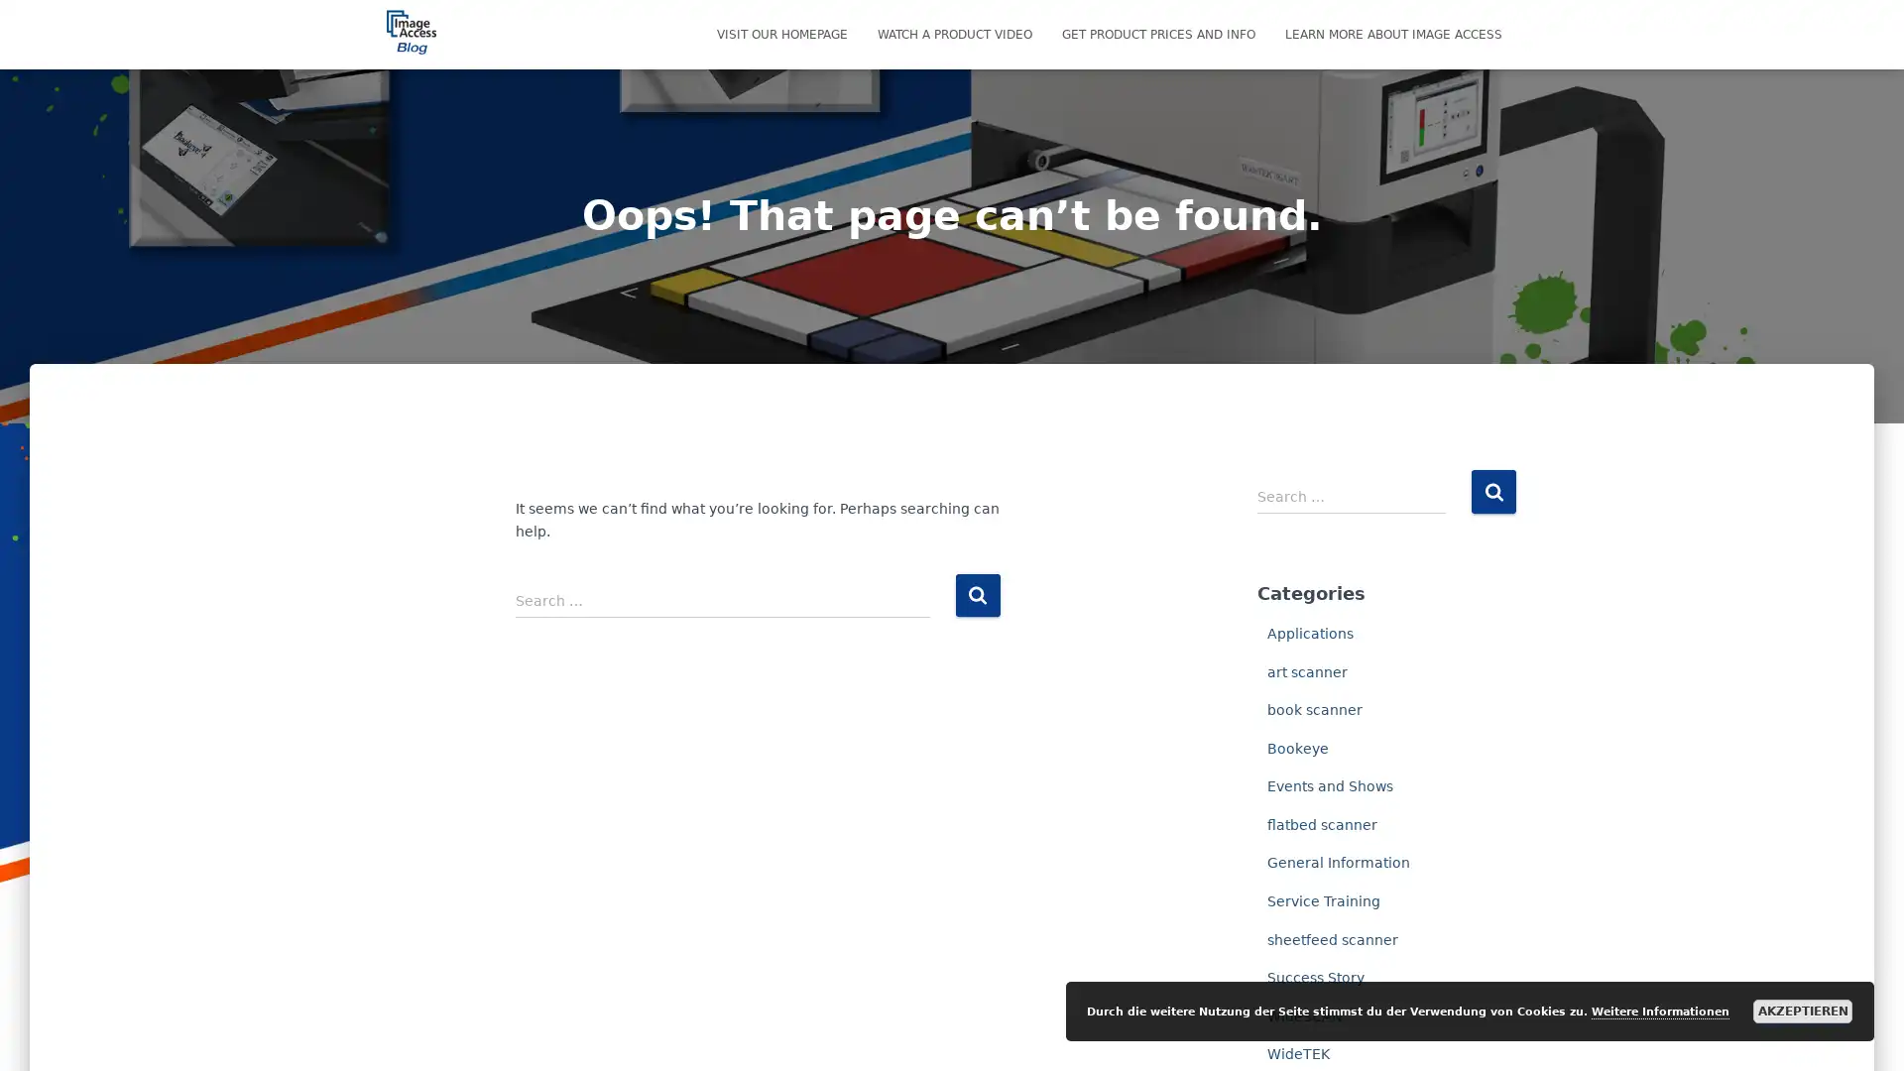 The image size is (1904, 1071). What do you see at coordinates (1493, 491) in the screenshot?
I see `Search` at bounding box center [1493, 491].